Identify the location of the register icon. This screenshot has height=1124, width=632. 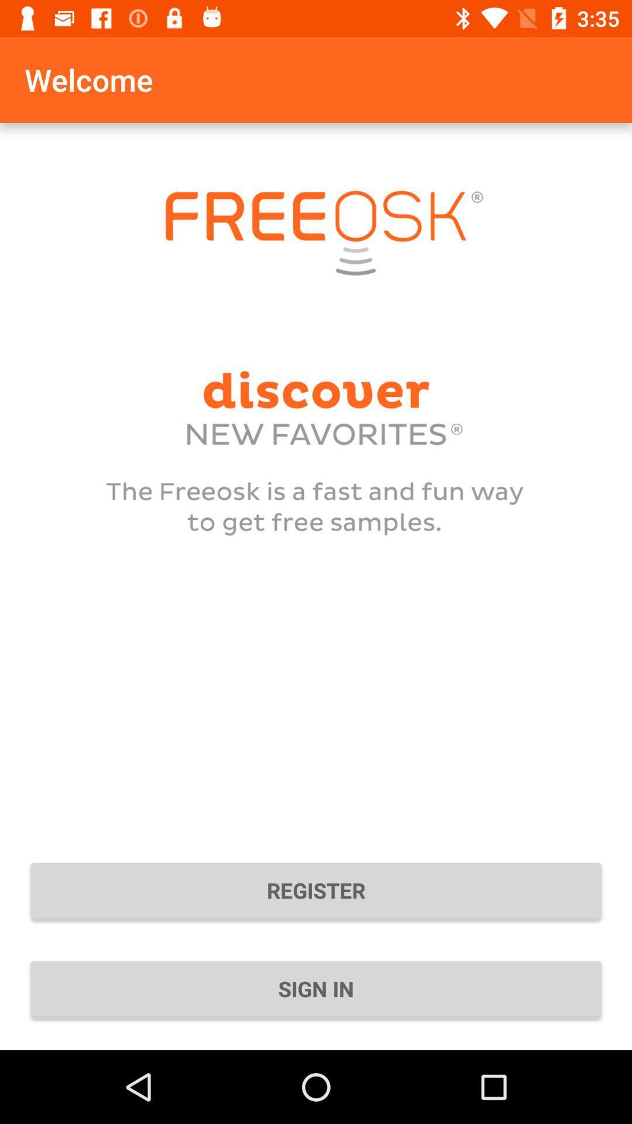
(316, 890).